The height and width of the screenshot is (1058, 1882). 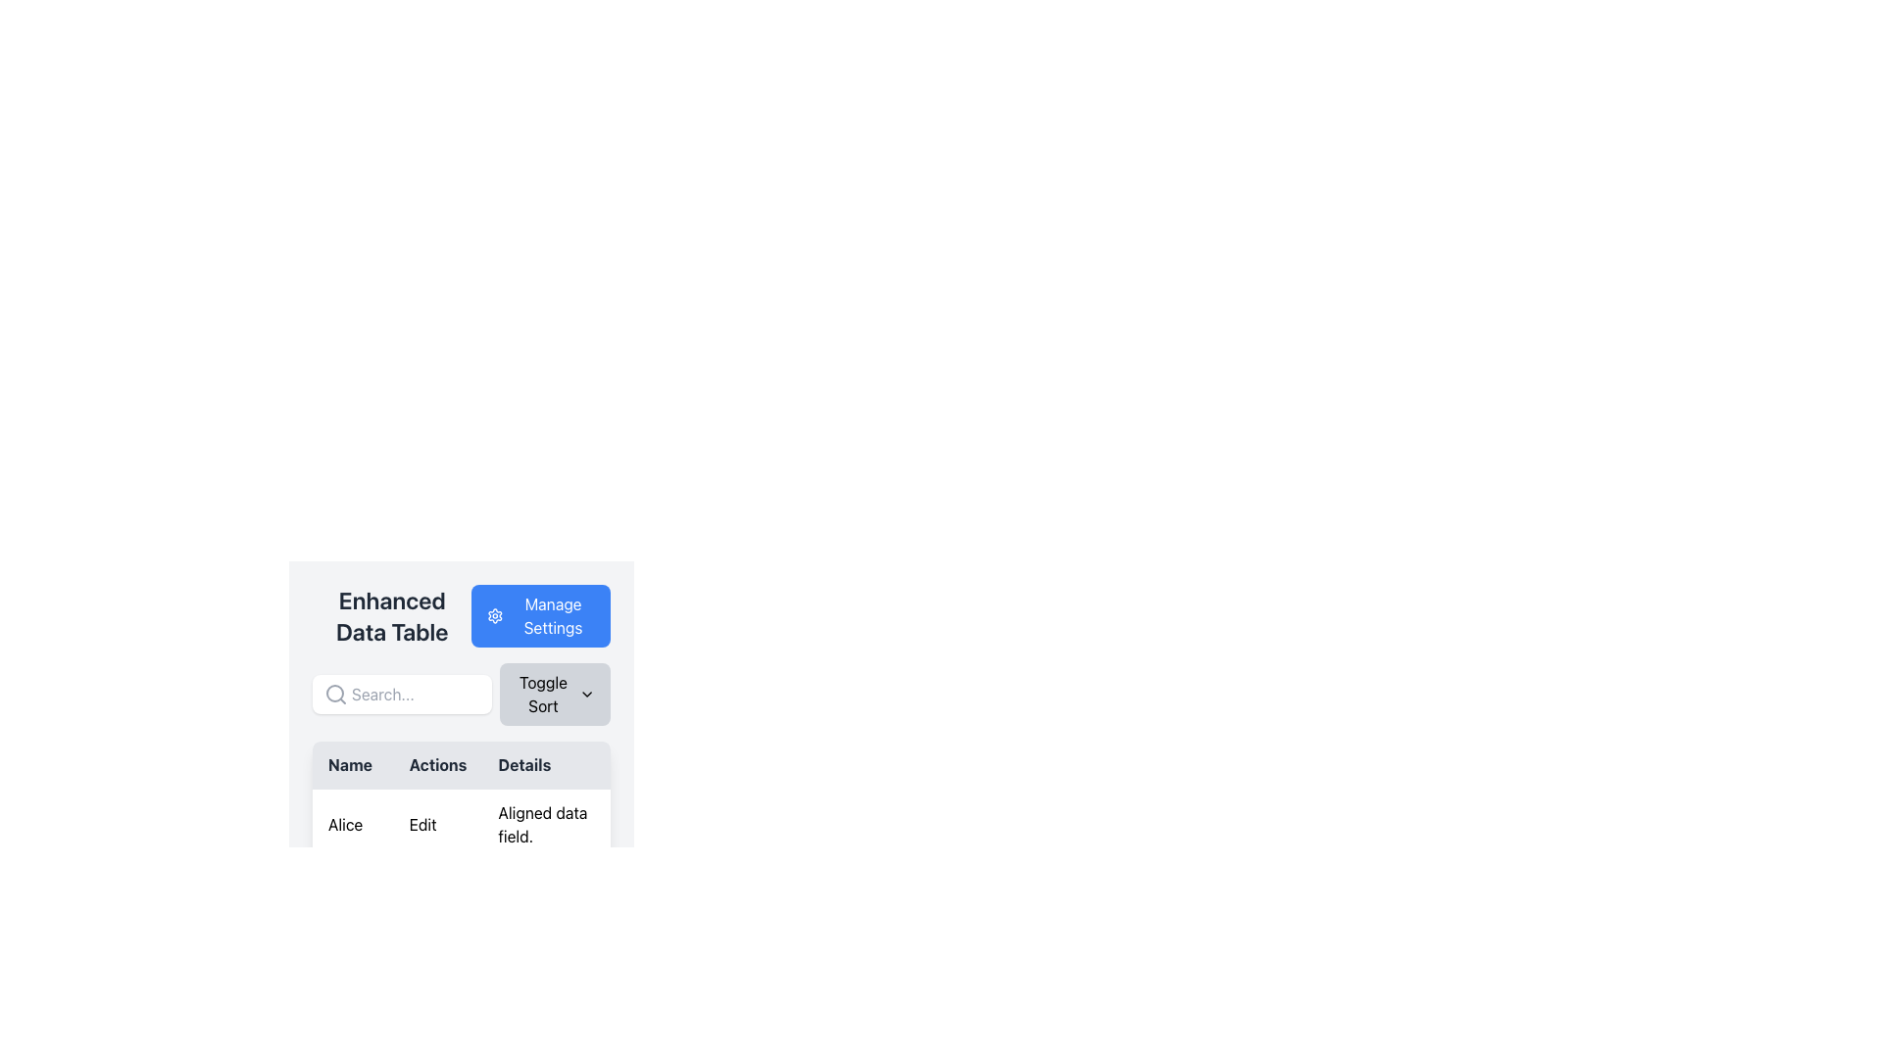 I want to click on the text label displaying 'Name', which is styled with bold, dark-colored text and is the first item in the header row of the table, so click(x=353, y=764).